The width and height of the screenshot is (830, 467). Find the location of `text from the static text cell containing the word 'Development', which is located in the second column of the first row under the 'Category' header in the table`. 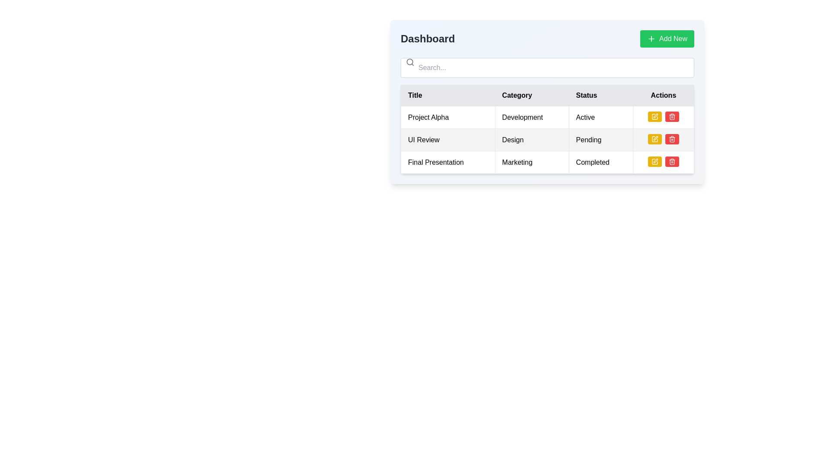

text from the static text cell containing the word 'Development', which is located in the second column of the first row under the 'Category' header in the table is located at coordinates (531, 117).